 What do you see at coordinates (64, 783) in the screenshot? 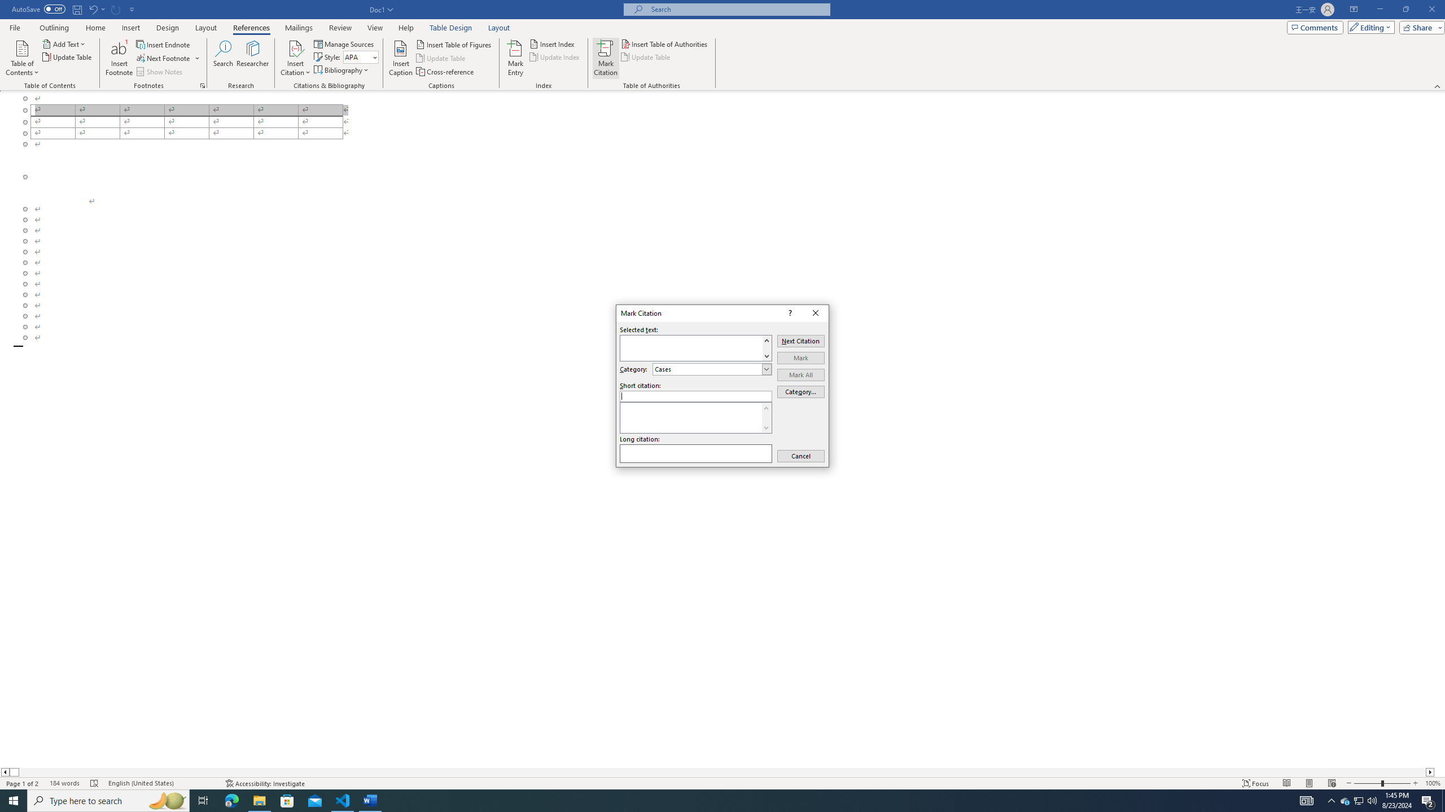
I see `'Word Count 184 words'` at bounding box center [64, 783].